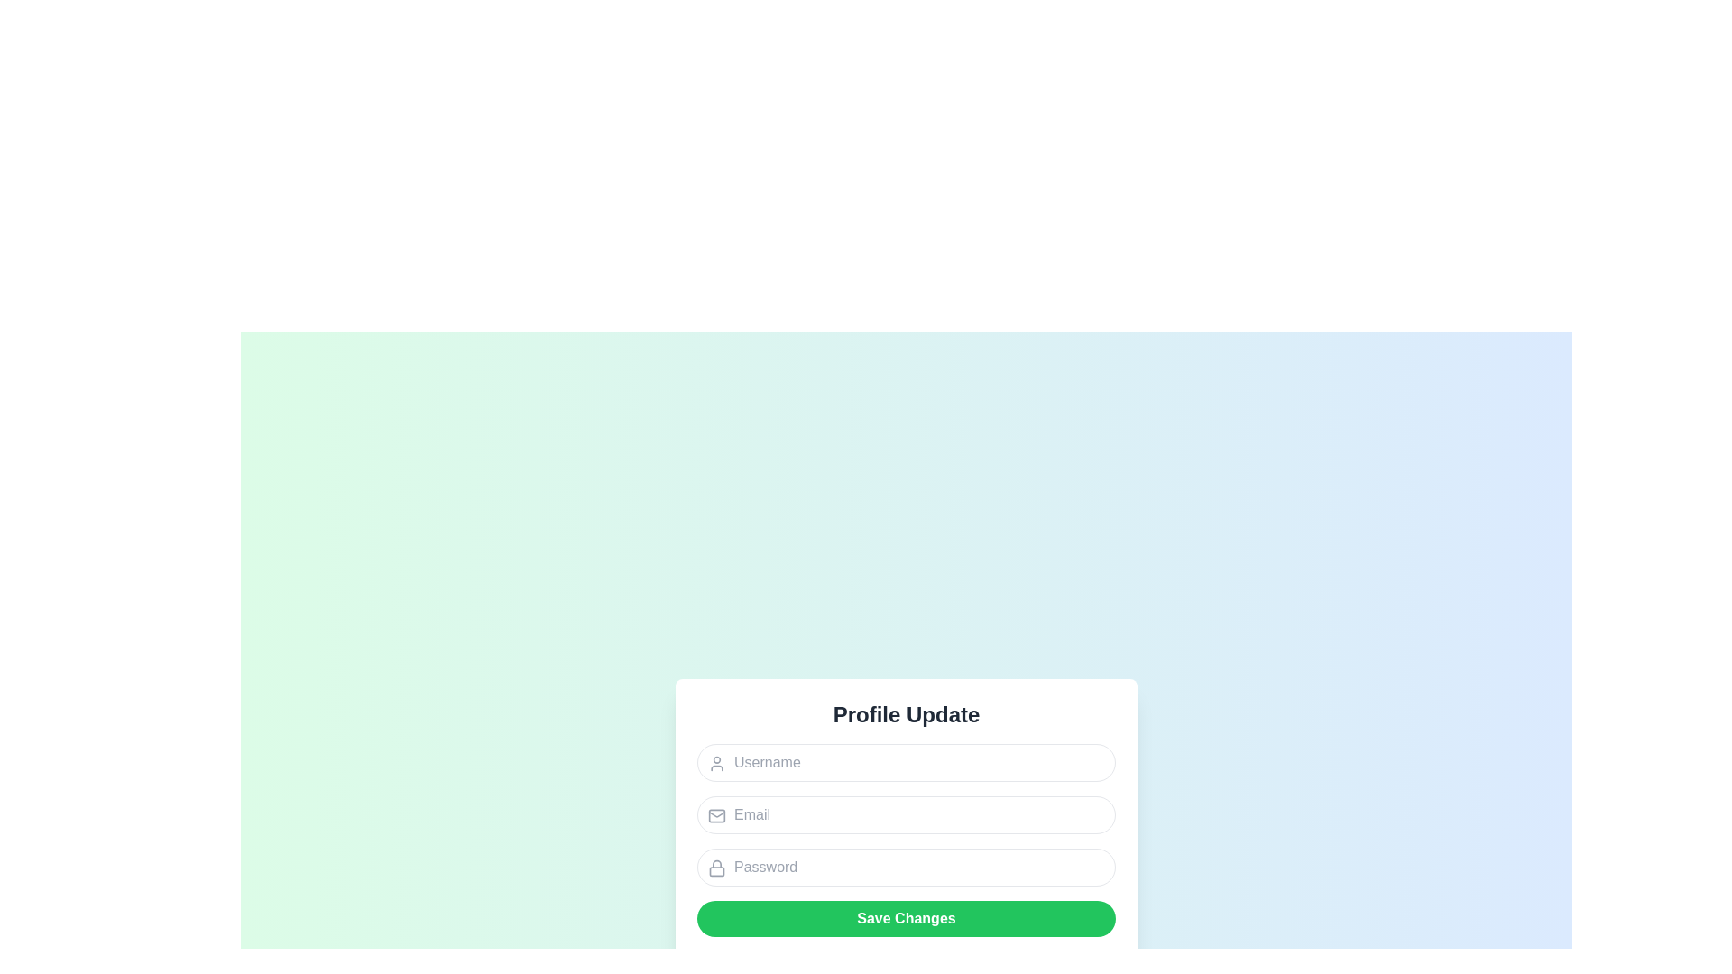 This screenshot has height=974, width=1732. What do you see at coordinates (716, 813) in the screenshot?
I see `the decorative part of the mail icon, which is located adjacent to the 'Email' input field` at bounding box center [716, 813].